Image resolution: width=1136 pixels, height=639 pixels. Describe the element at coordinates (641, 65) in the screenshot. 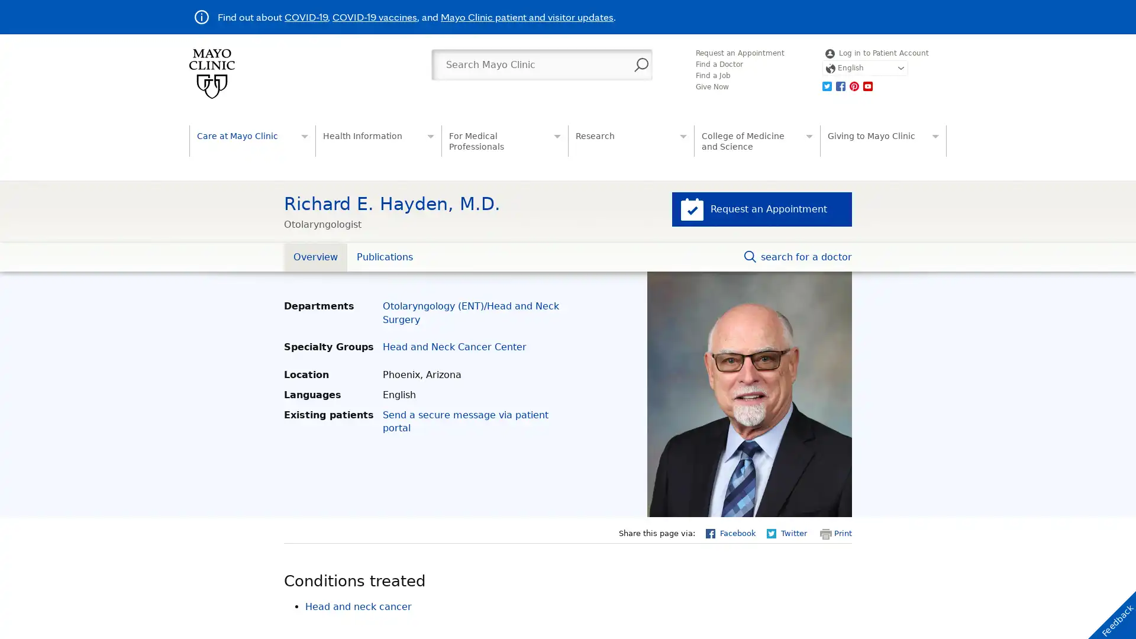

I see `Search` at that location.